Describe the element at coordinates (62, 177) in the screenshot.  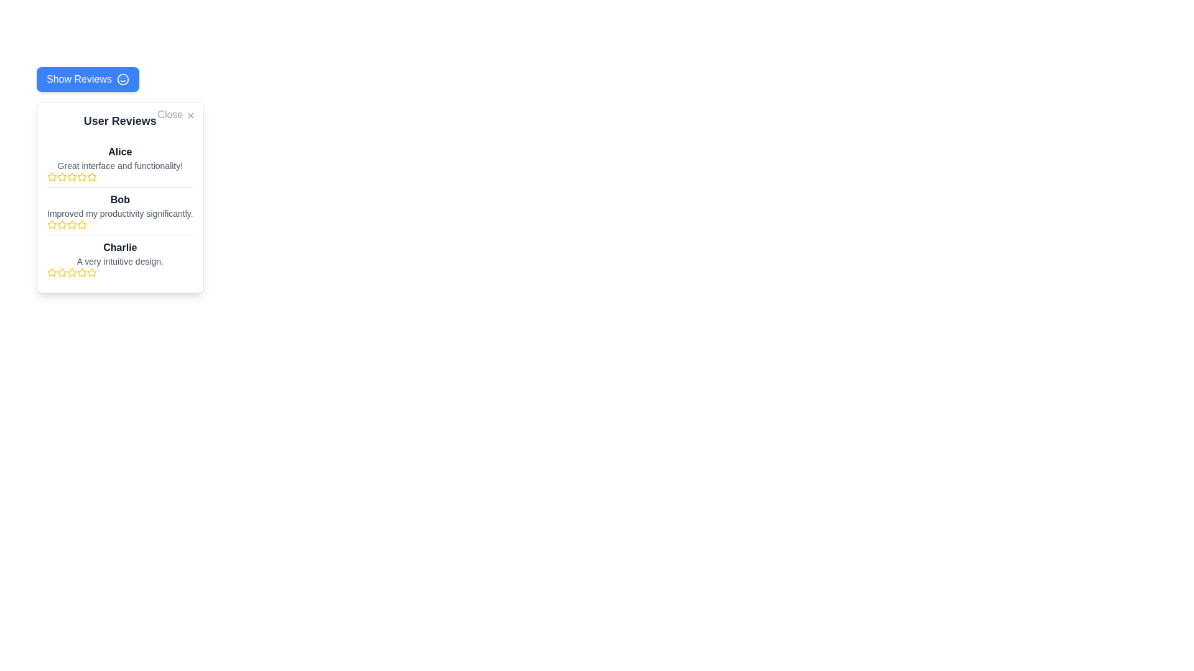
I see `the second yellow star icon in Alice's rating row, which has a hollow center and is styled with a bright yellow color` at that location.